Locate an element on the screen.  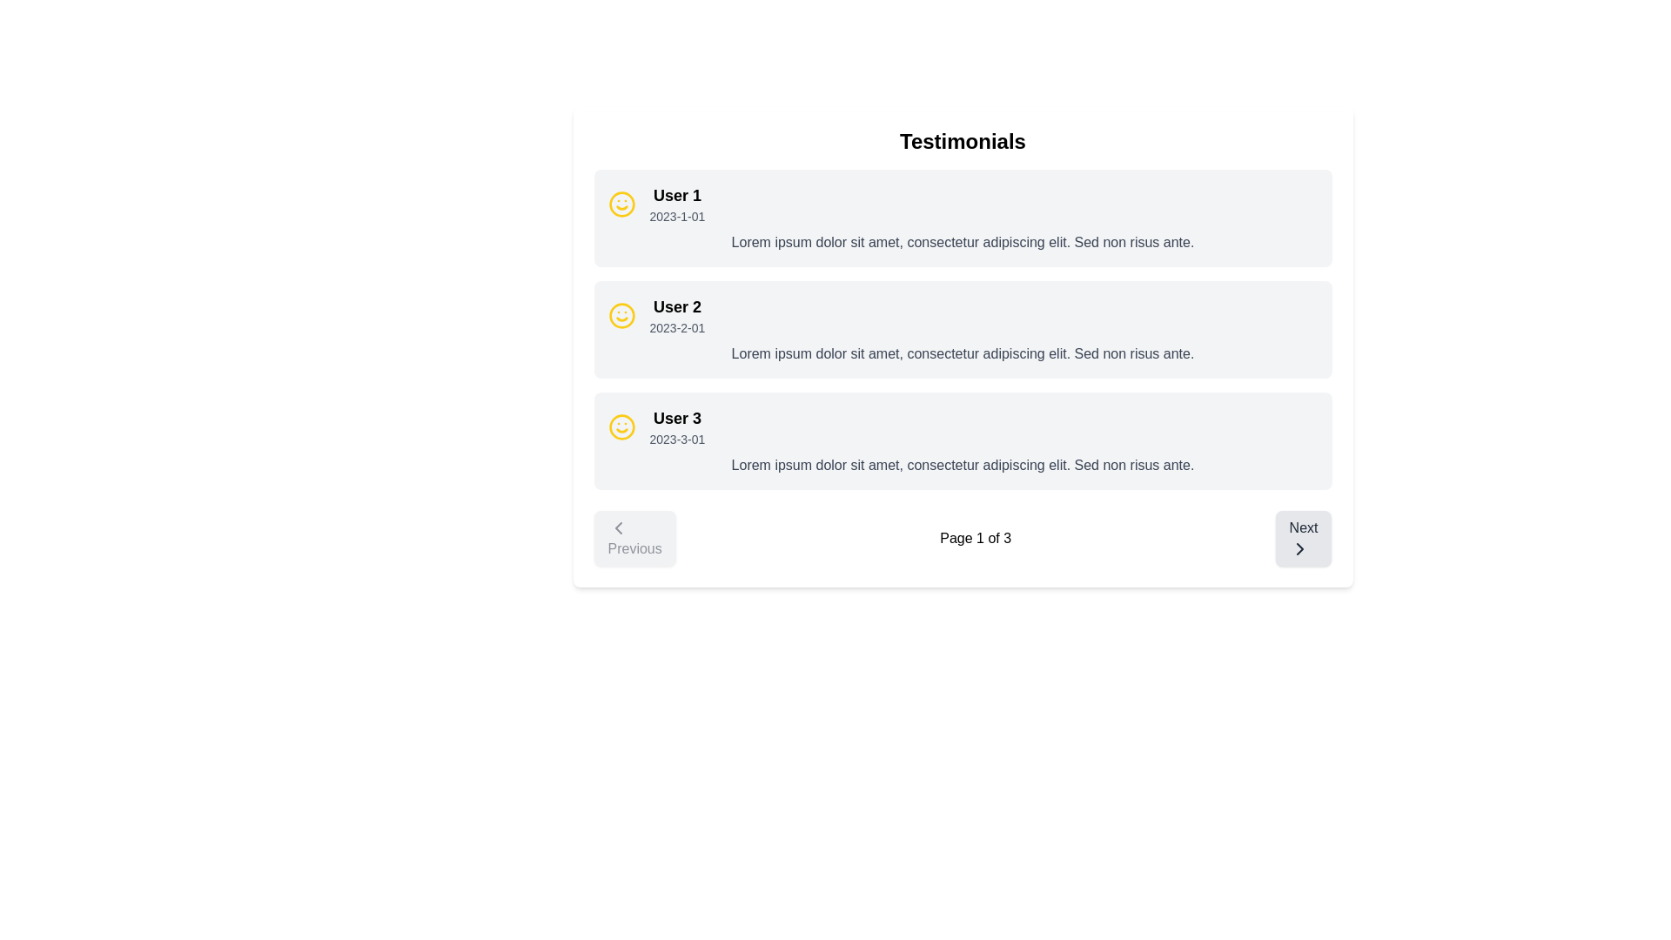
information displayed on the text label showing 'User 1' in bold and '2023-1-01' in gray underneath, located in the top-left section of the first testimonial card is located at coordinates (676, 204).